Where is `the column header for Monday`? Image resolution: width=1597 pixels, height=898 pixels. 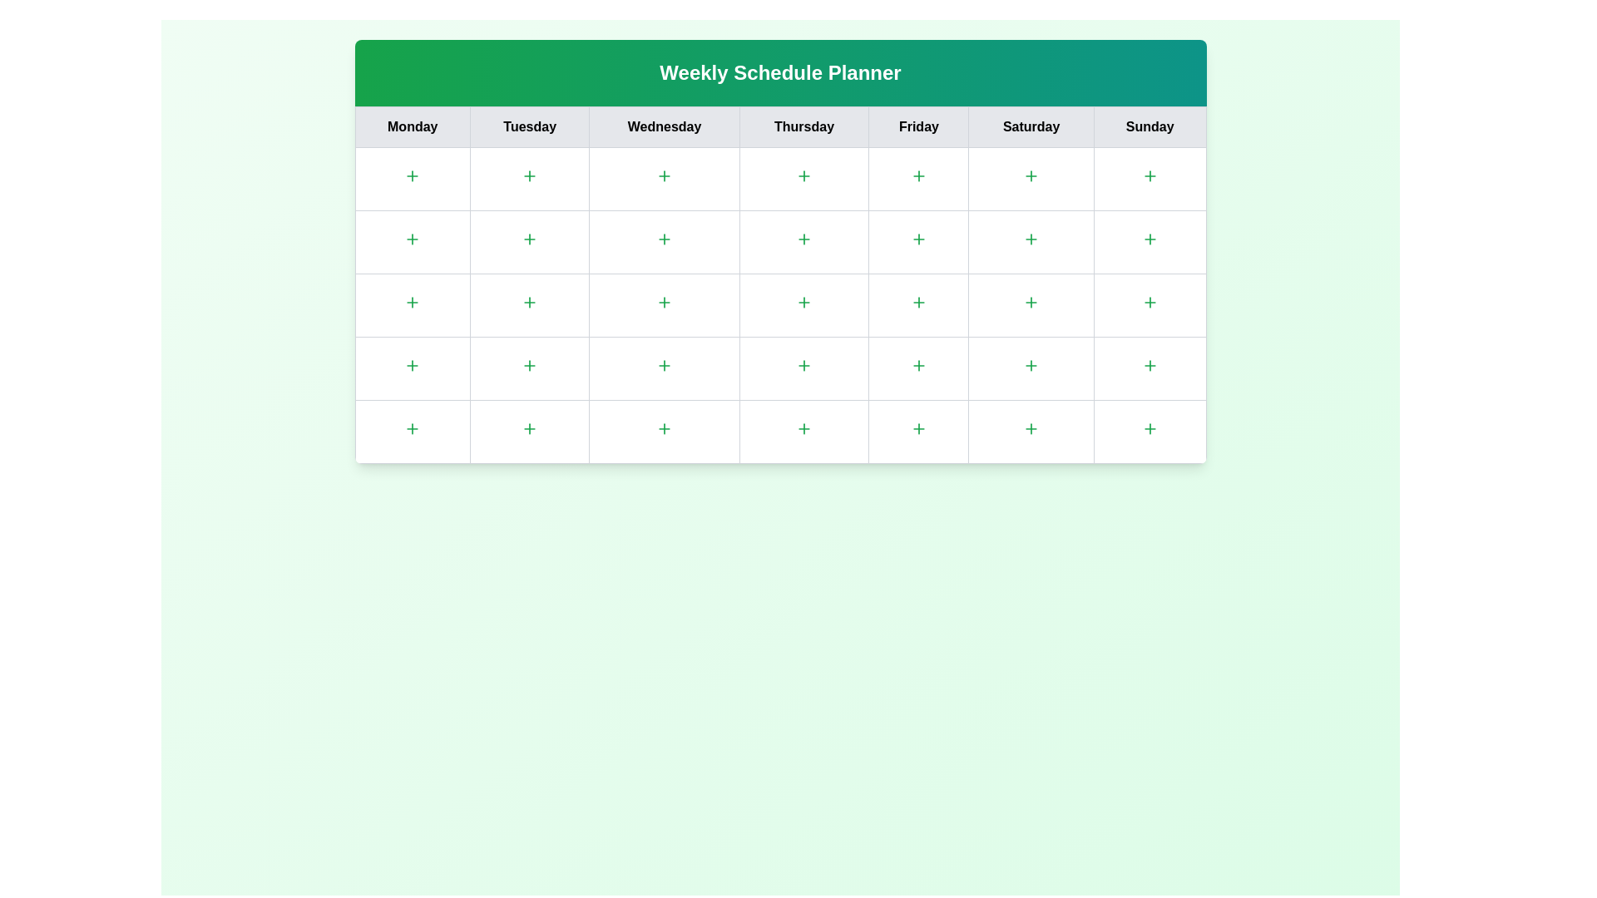 the column header for Monday is located at coordinates (413, 126).